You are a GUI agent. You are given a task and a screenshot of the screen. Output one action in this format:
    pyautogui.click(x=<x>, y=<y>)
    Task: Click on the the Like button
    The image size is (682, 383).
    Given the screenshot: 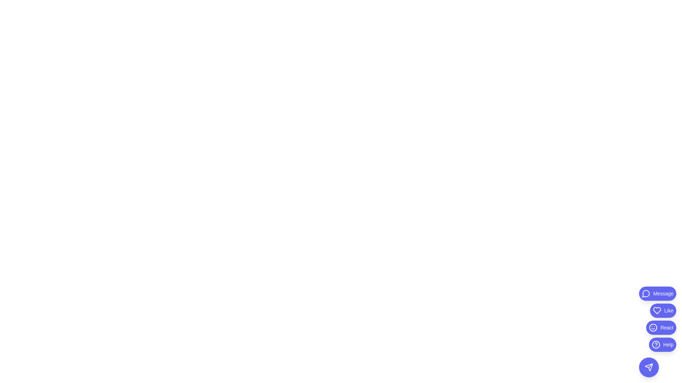 What is the action you would take?
    pyautogui.click(x=663, y=310)
    